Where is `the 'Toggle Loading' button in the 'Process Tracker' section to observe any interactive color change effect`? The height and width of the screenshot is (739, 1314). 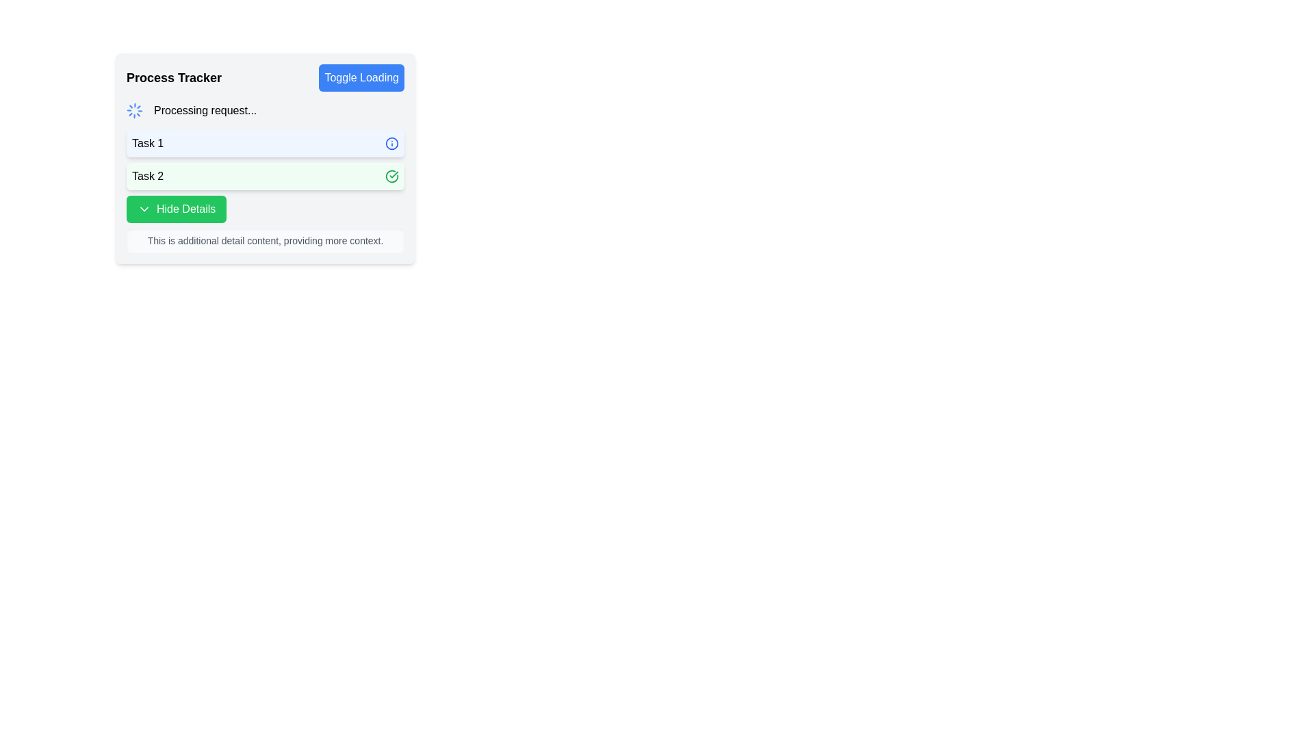 the 'Toggle Loading' button in the 'Process Tracker' section to observe any interactive color change effect is located at coordinates (266, 78).